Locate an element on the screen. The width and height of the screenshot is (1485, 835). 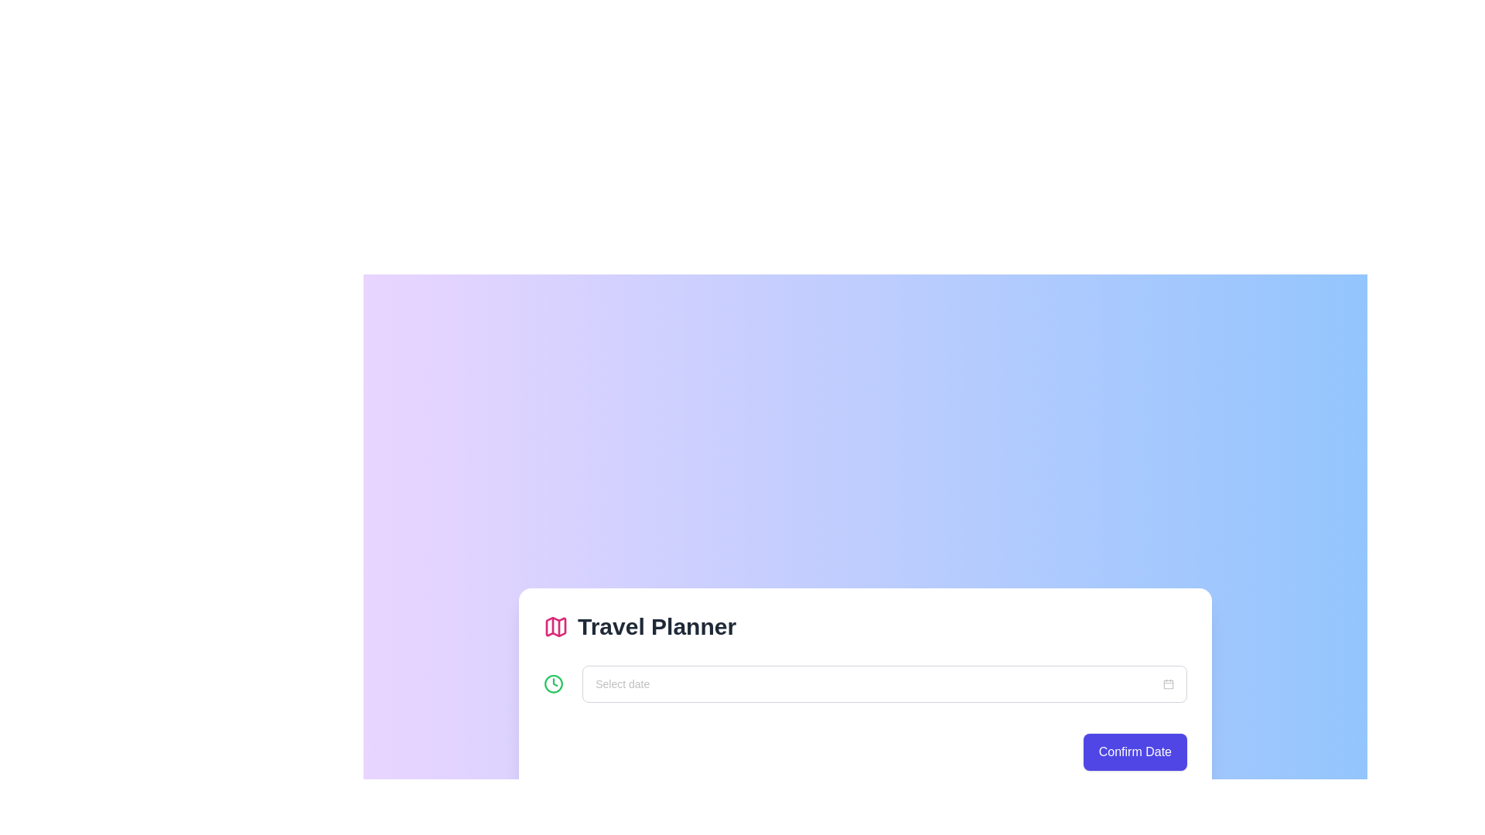
the small calendar icon with a gray border located on the far right of the text input field is located at coordinates (1169, 683).